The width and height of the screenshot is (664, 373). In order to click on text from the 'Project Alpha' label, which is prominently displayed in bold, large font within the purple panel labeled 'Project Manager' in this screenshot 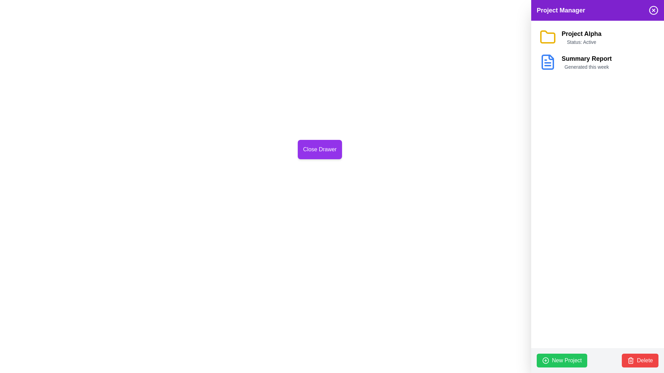, I will do `click(581, 34)`.